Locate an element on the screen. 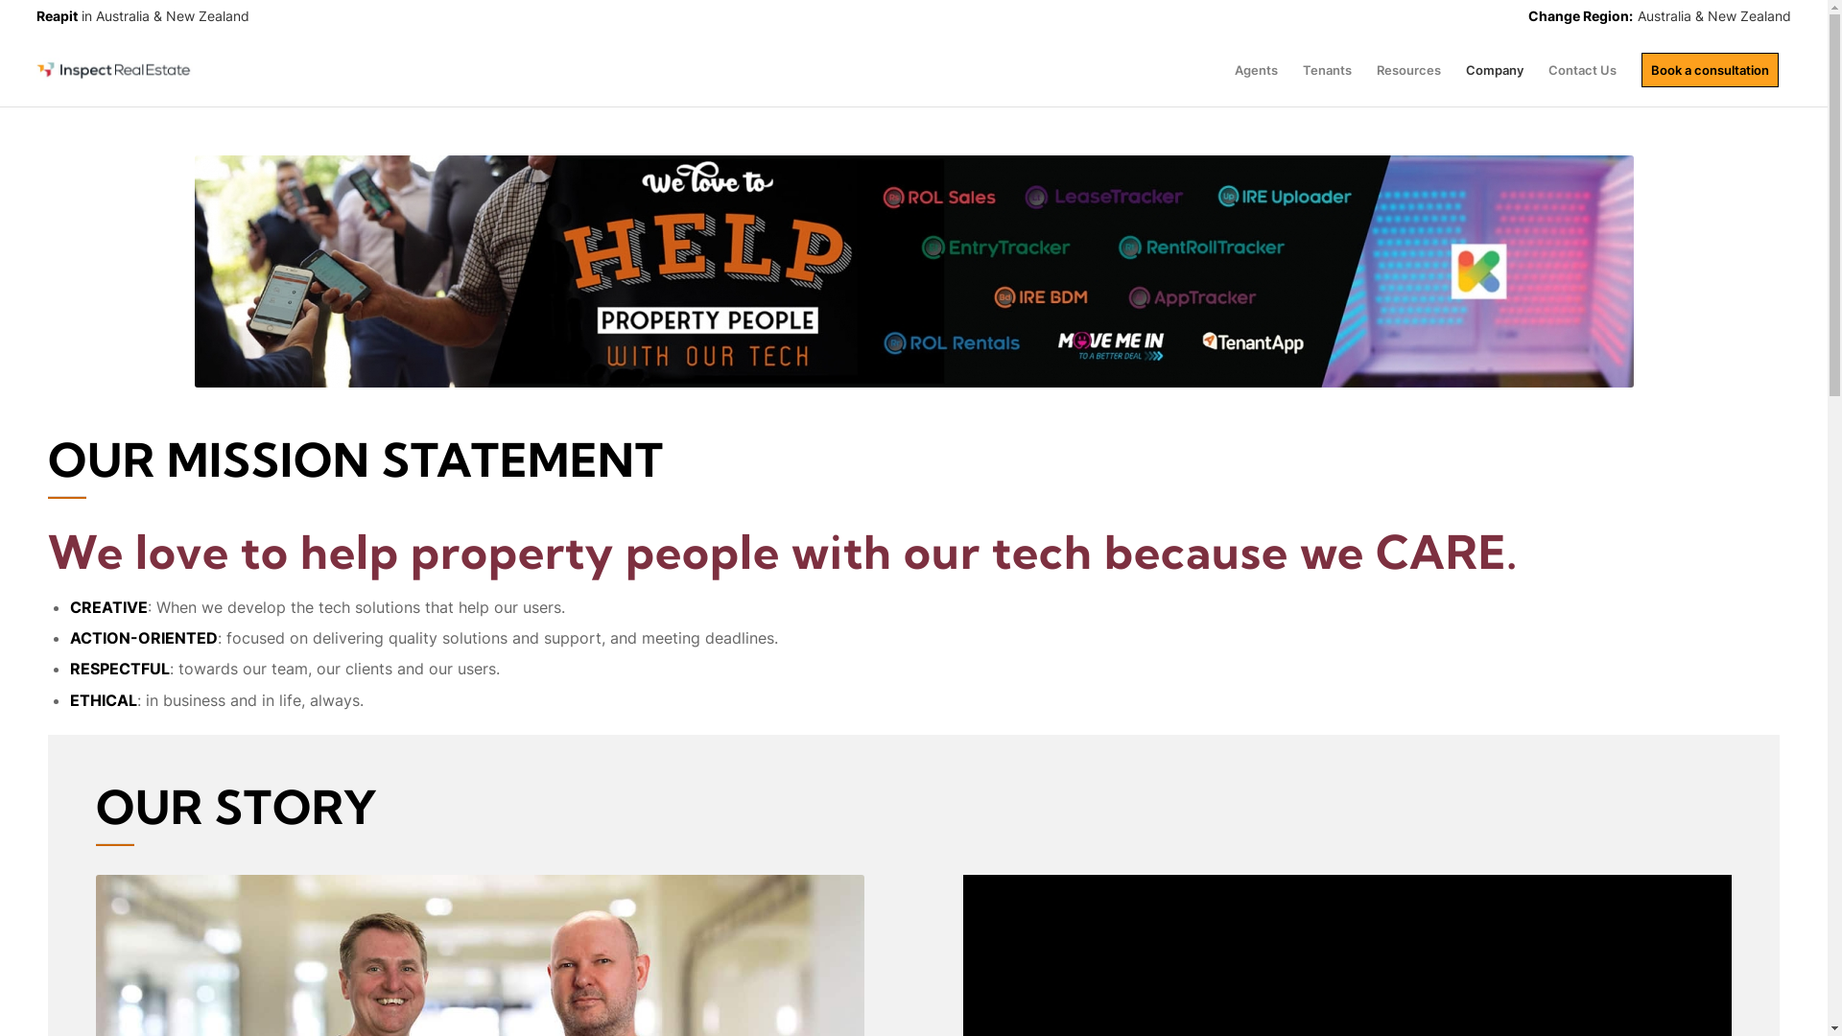  'Agents' is located at coordinates (1256, 69).